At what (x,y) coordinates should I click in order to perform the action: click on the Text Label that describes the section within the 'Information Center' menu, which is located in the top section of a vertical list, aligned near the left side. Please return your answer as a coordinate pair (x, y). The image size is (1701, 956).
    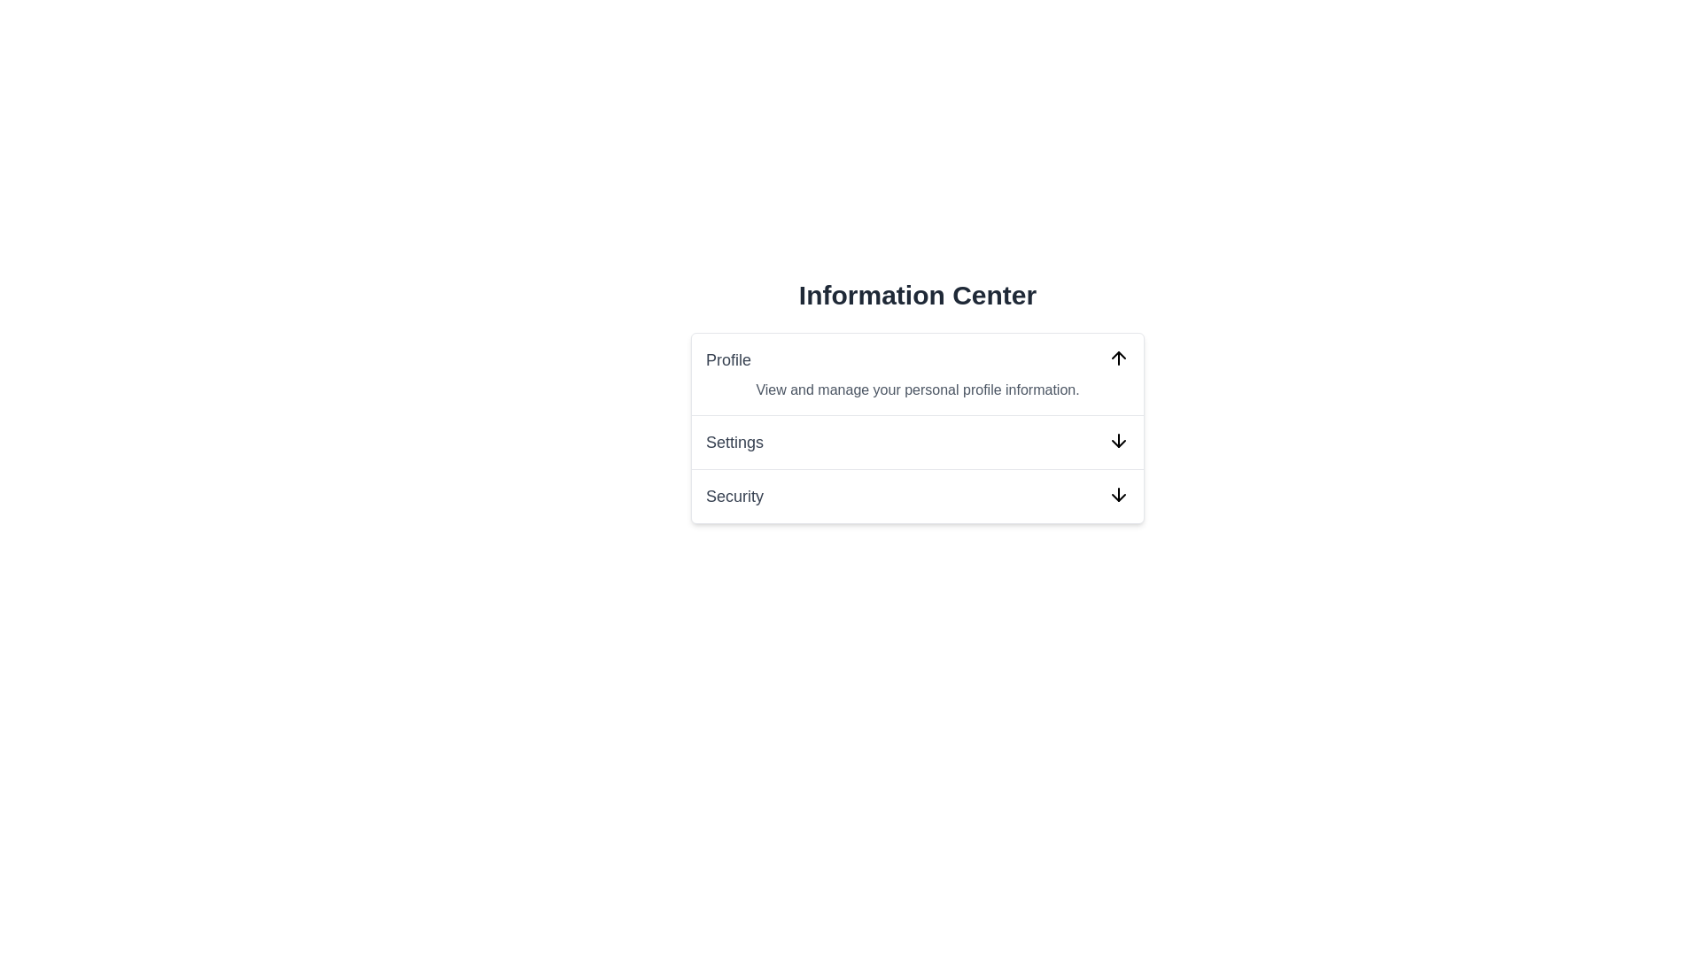
    Looking at the image, I should click on (728, 359).